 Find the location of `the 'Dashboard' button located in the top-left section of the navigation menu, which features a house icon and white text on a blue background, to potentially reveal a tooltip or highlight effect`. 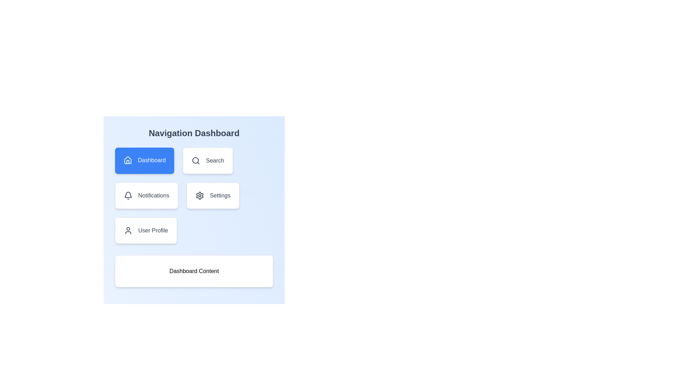

the 'Dashboard' button located in the top-left section of the navigation menu, which features a house icon and white text on a blue background, to potentially reveal a tooltip or highlight effect is located at coordinates (144, 160).